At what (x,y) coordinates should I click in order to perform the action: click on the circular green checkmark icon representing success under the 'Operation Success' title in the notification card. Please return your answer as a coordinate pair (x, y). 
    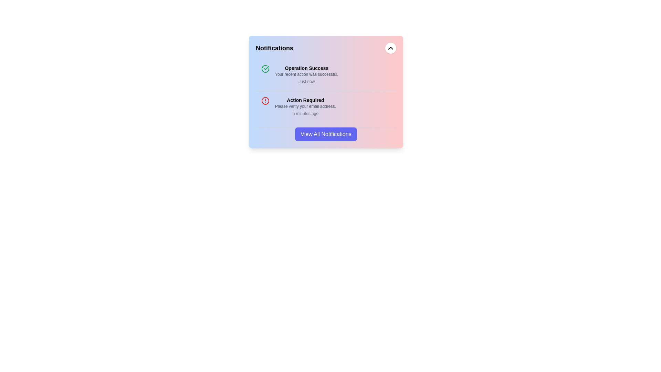
    Looking at the image, I should click on (265, 69).